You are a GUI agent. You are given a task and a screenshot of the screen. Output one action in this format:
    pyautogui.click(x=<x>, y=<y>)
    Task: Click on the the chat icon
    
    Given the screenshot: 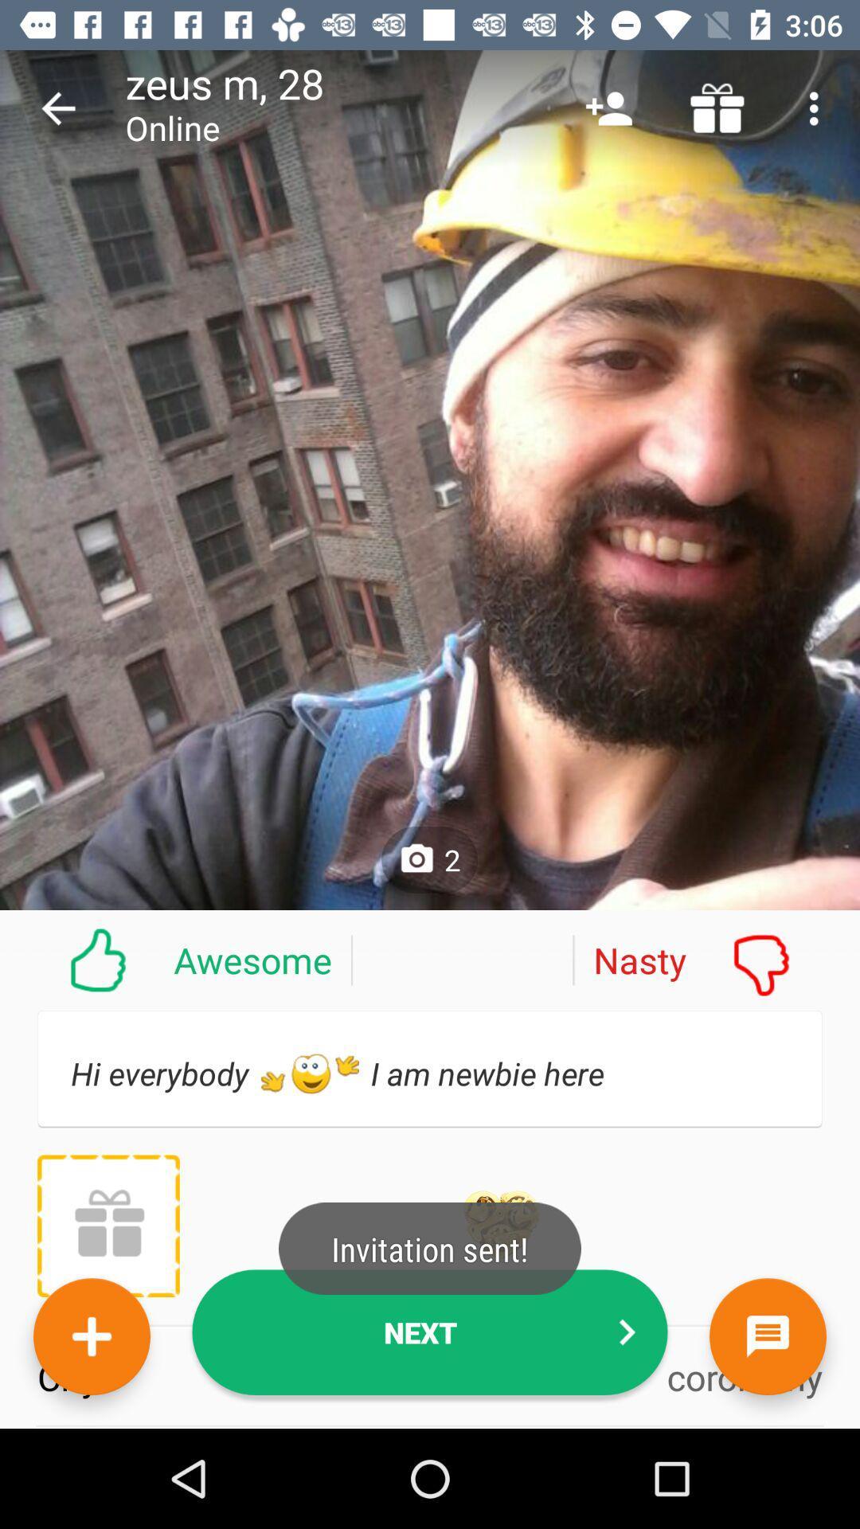 What is the action you would take?
    pyautogui.click(x=767, y=1336)
    